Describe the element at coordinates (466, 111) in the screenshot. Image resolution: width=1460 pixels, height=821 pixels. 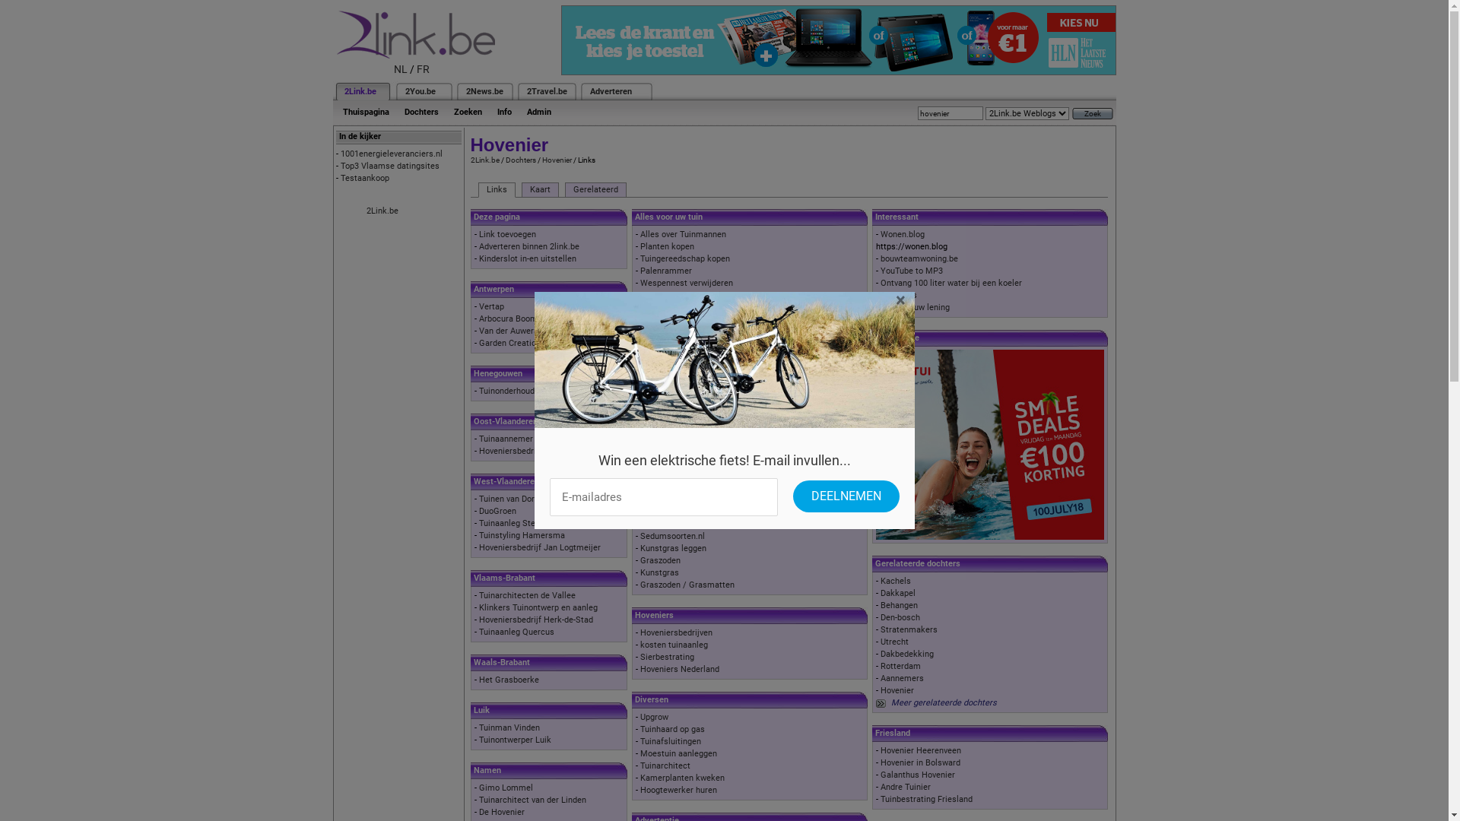
I see `'Zoeken'` at that location.